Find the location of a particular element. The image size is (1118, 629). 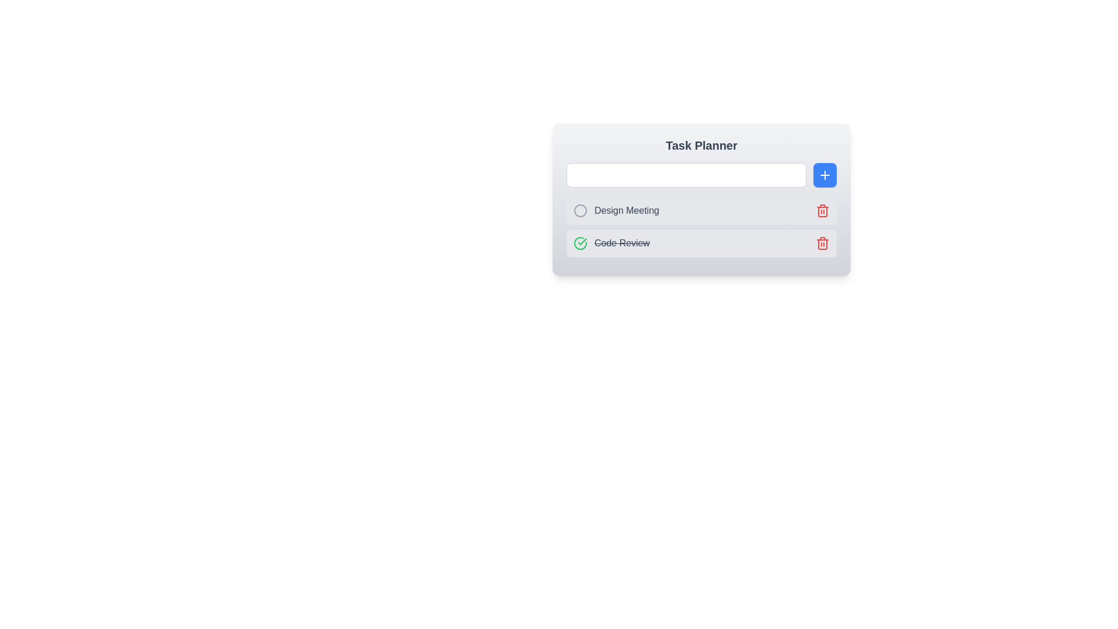

the appearance of the trash can icon located under the text 'Code Review' in the right segment of the list item is located at coordinates (822, 211).